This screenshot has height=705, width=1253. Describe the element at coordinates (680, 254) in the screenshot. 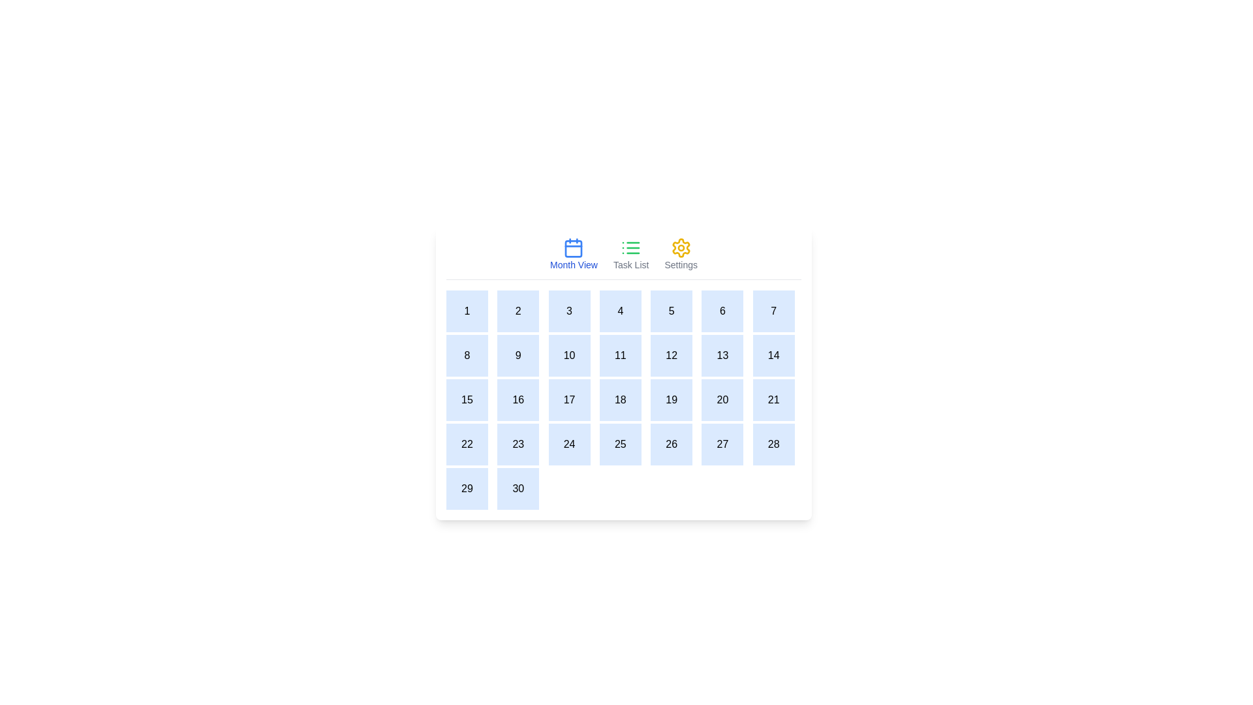

I see `the tab labeled Settings` at that location.